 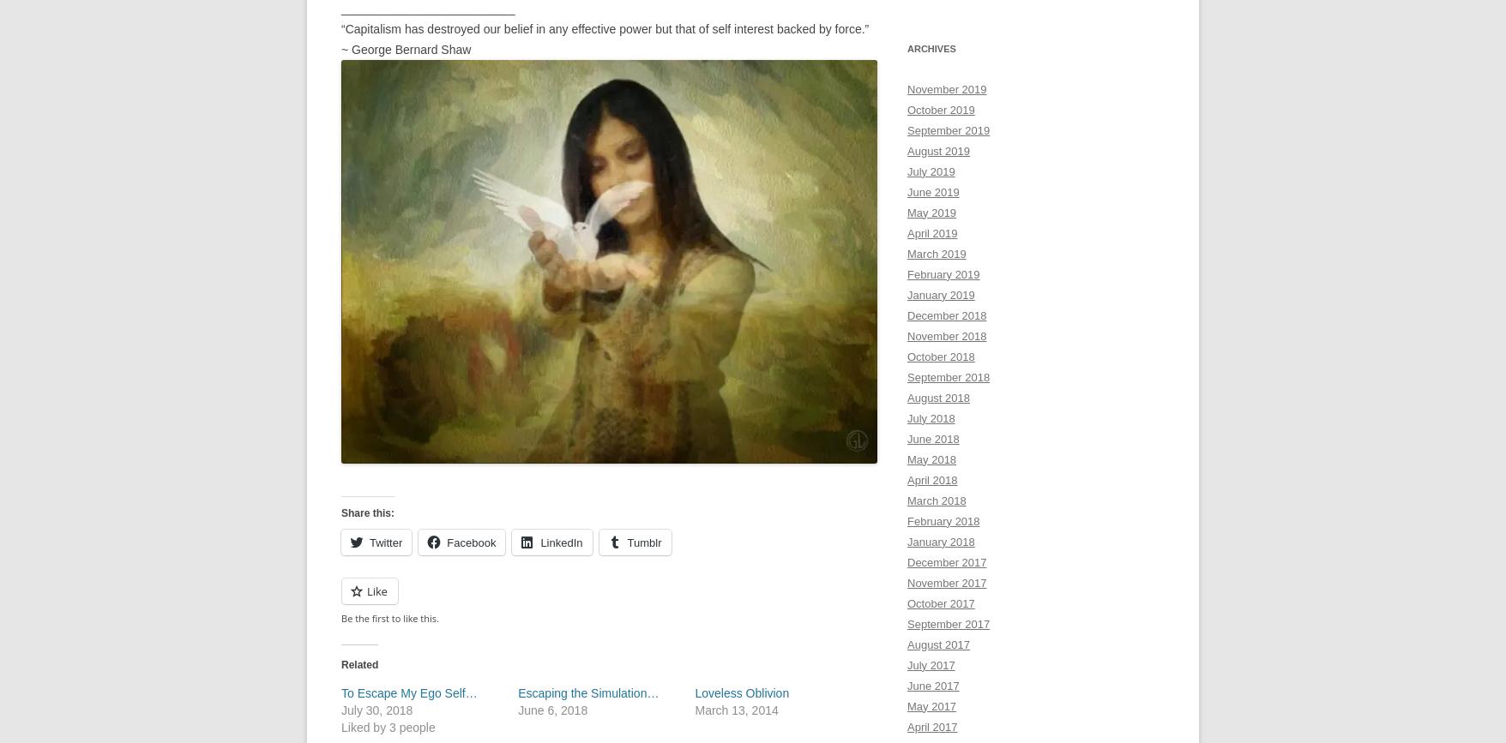 What do you see at coordinates (906, 581) in the screenshot?
I see `'November 2017'` at bounding box center [906, 581].